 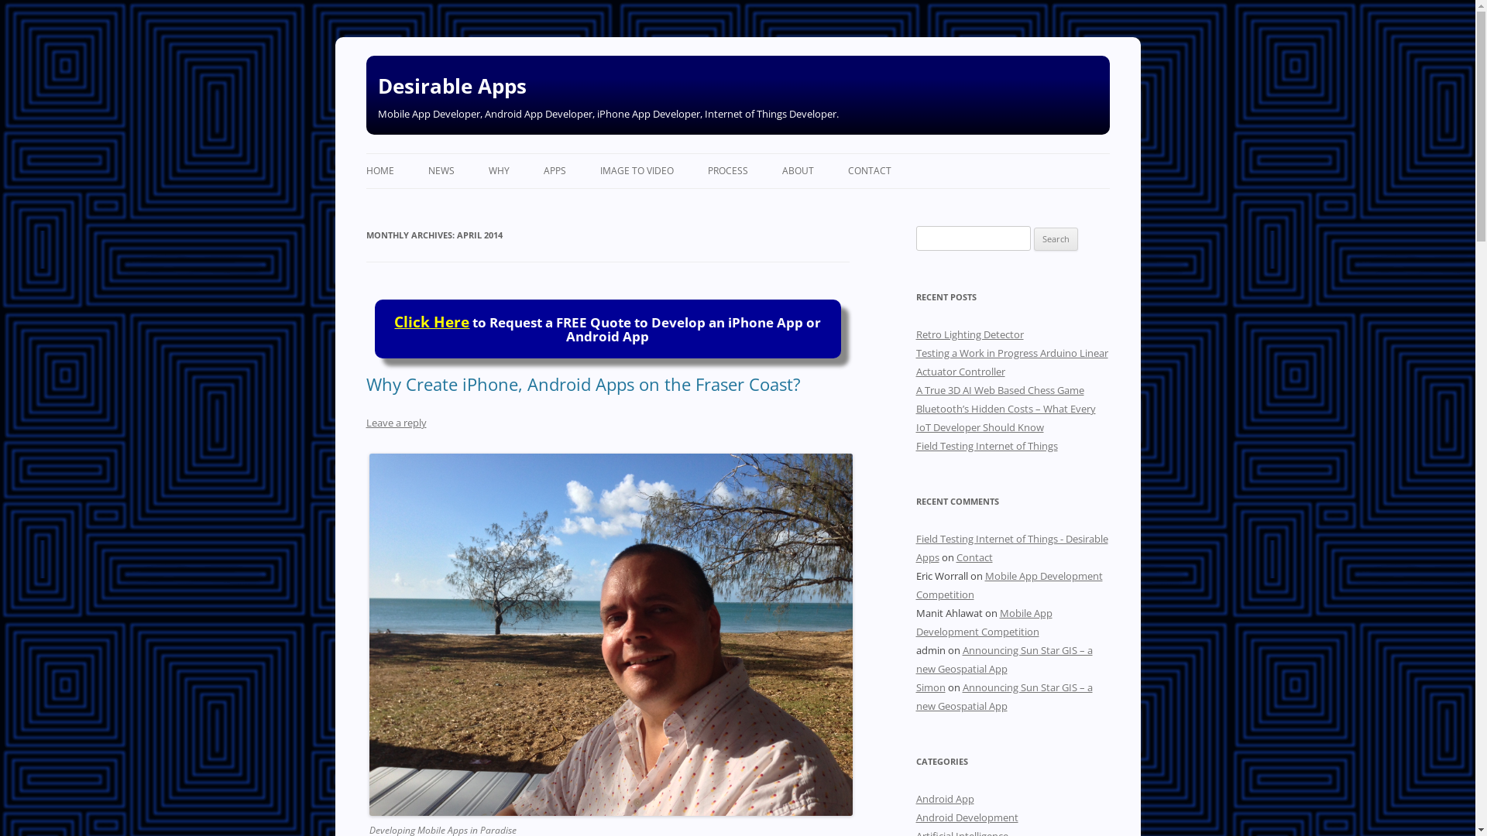 What do you see at coordinates (915, 389) in the screenshot?
I see `'A True 3D AI Web Based Chess Game'` at bounding box center [915, 389].